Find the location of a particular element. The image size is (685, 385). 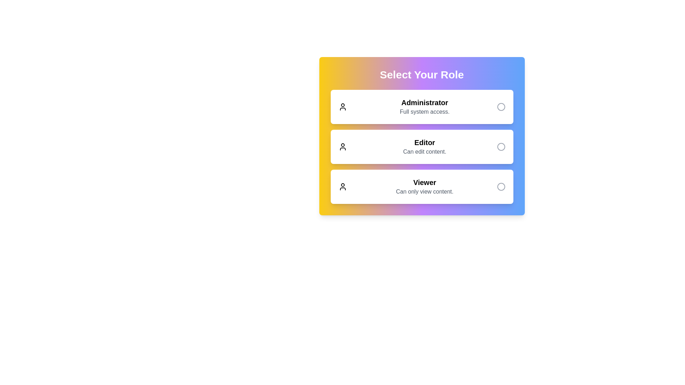

the informational static text located directly below the 'Editor' role in the role selection card, which is the second card from the top in the vertically arranged list is located at coordinates (425, 151).